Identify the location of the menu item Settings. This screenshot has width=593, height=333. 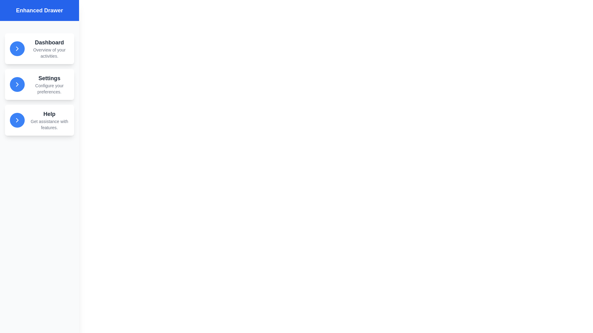
(39, 84).